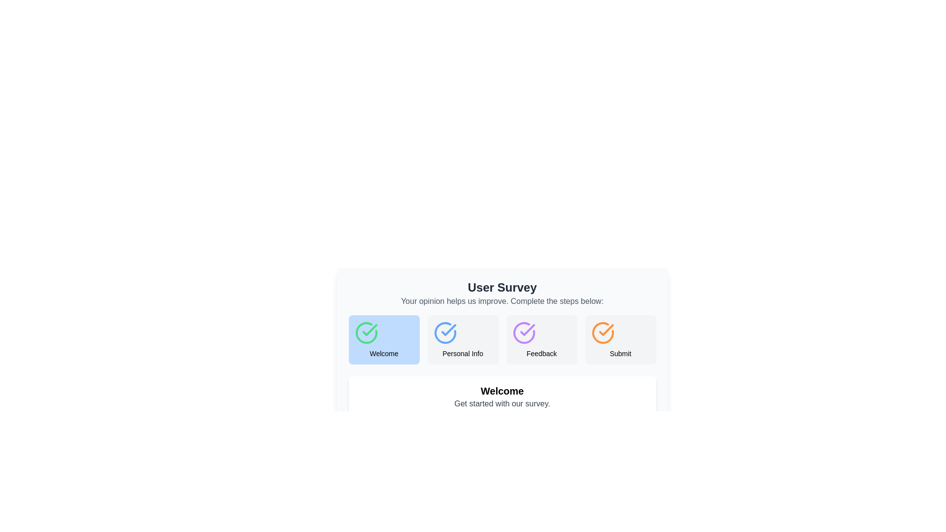 Image resolution: width=946 pixels, height=532 pixels. What do you see at coordinates (366, 332) in the screenshot?
I see `the progress status icon representing the 'Welcome' step in the upper-left of the layout` at bounding box center [366, 332].